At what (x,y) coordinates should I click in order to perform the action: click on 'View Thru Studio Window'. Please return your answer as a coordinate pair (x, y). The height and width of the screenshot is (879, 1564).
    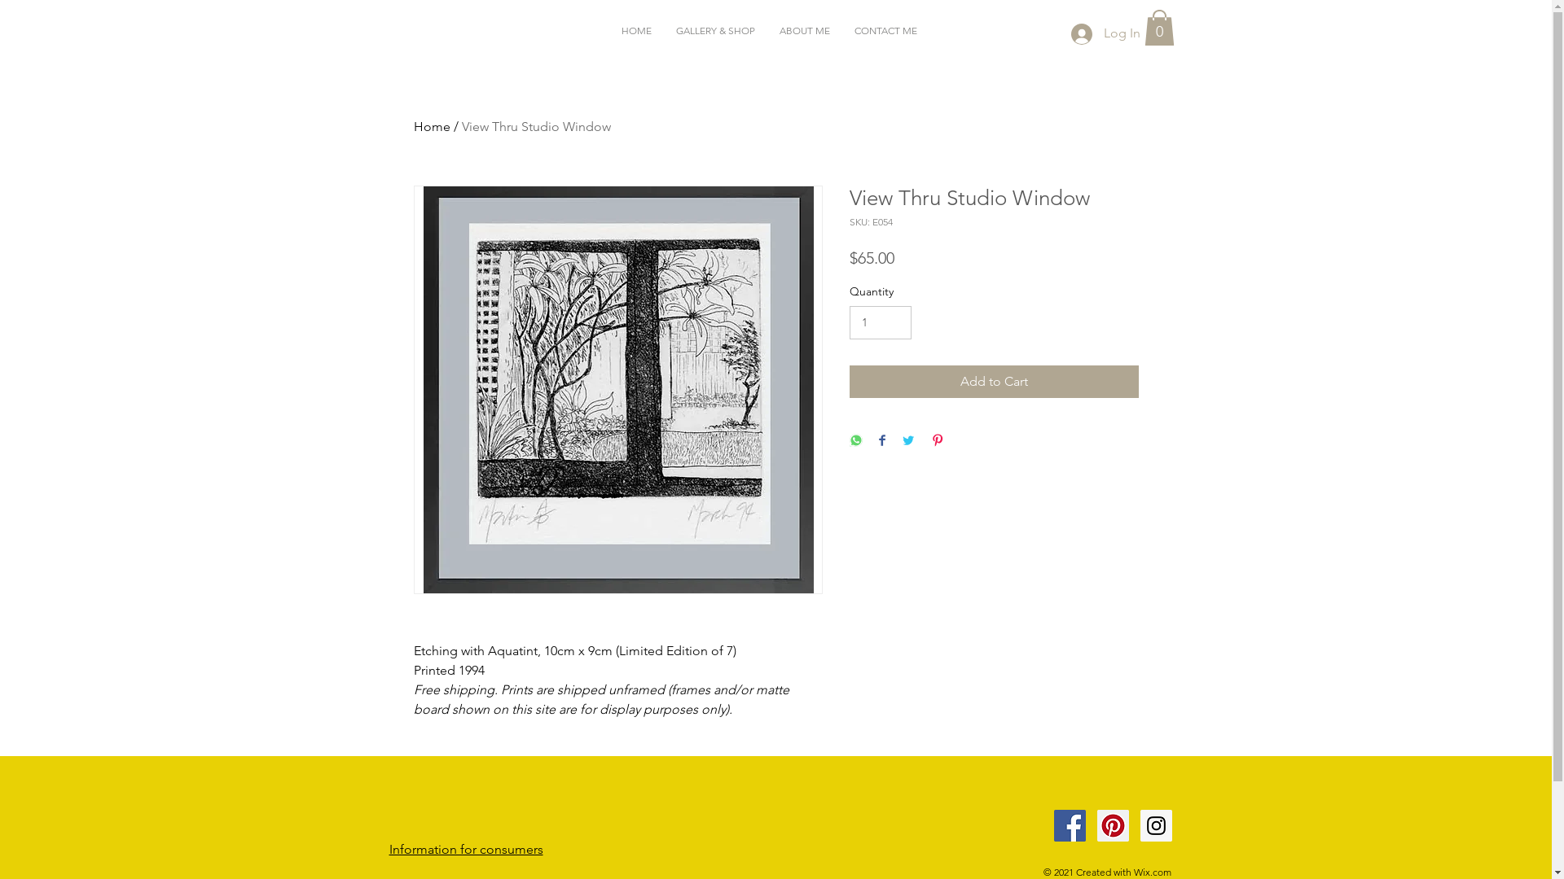
    Looking at the image, I should click on (460, 125).